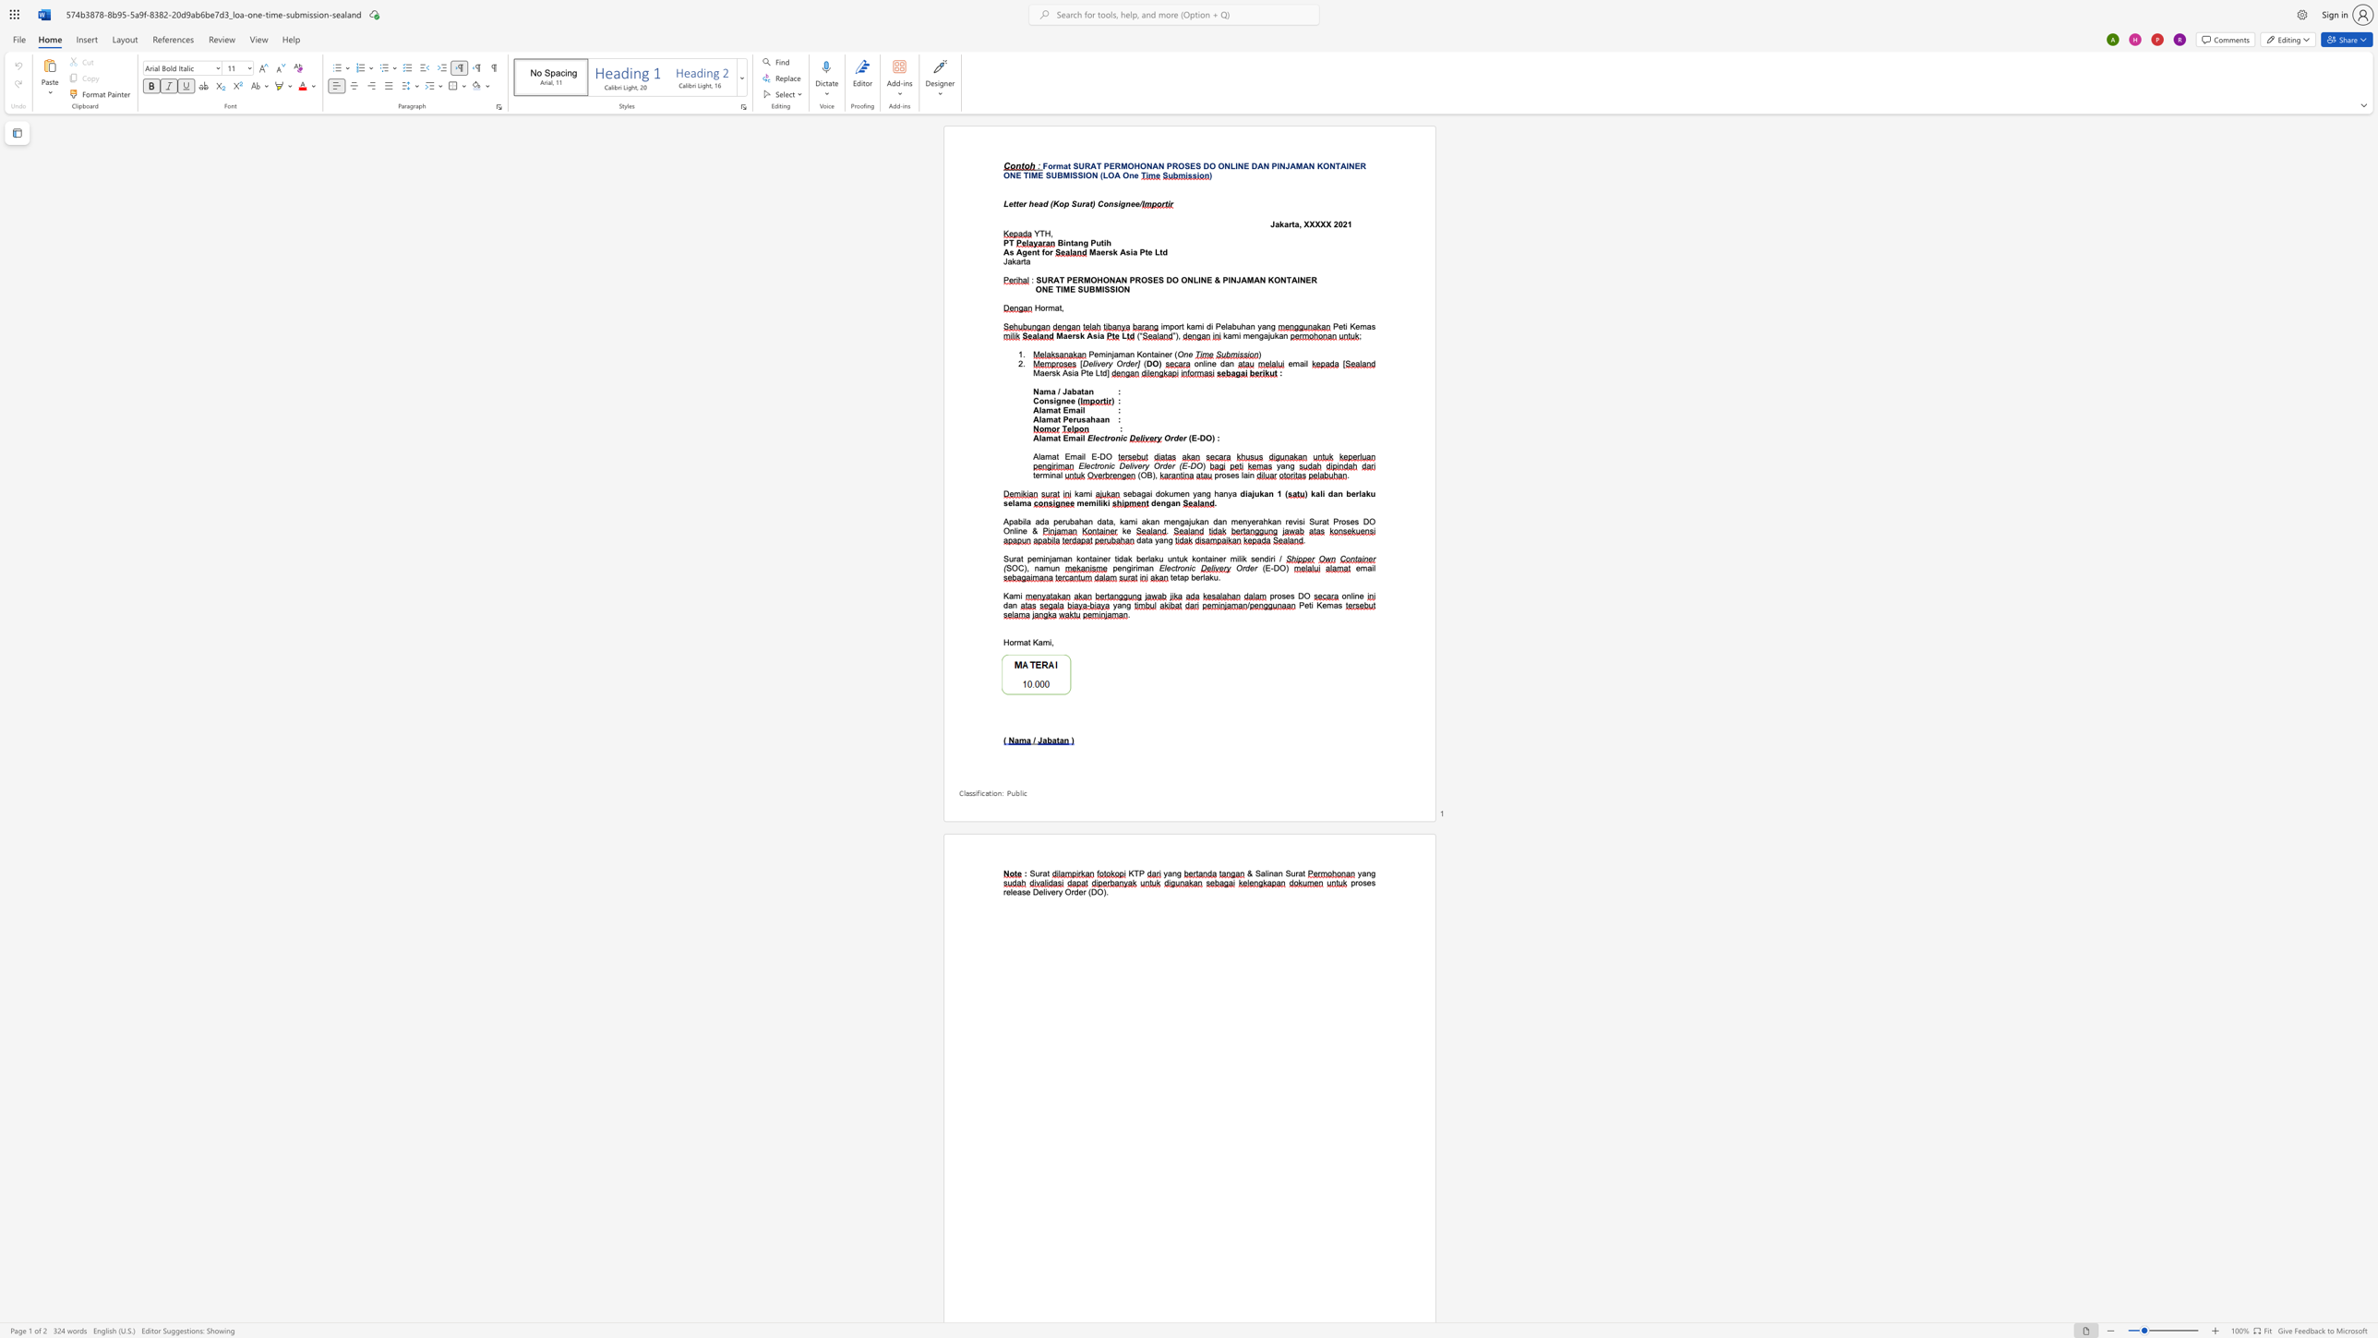 The height and width of the screenshot is (1338, 2378). What do you see at coordinates (1087, 891) in the screenshot?
I see `the subset text "(DO" within the text "release Delivery Order (DO)"` at bounding box center [1087, 891].